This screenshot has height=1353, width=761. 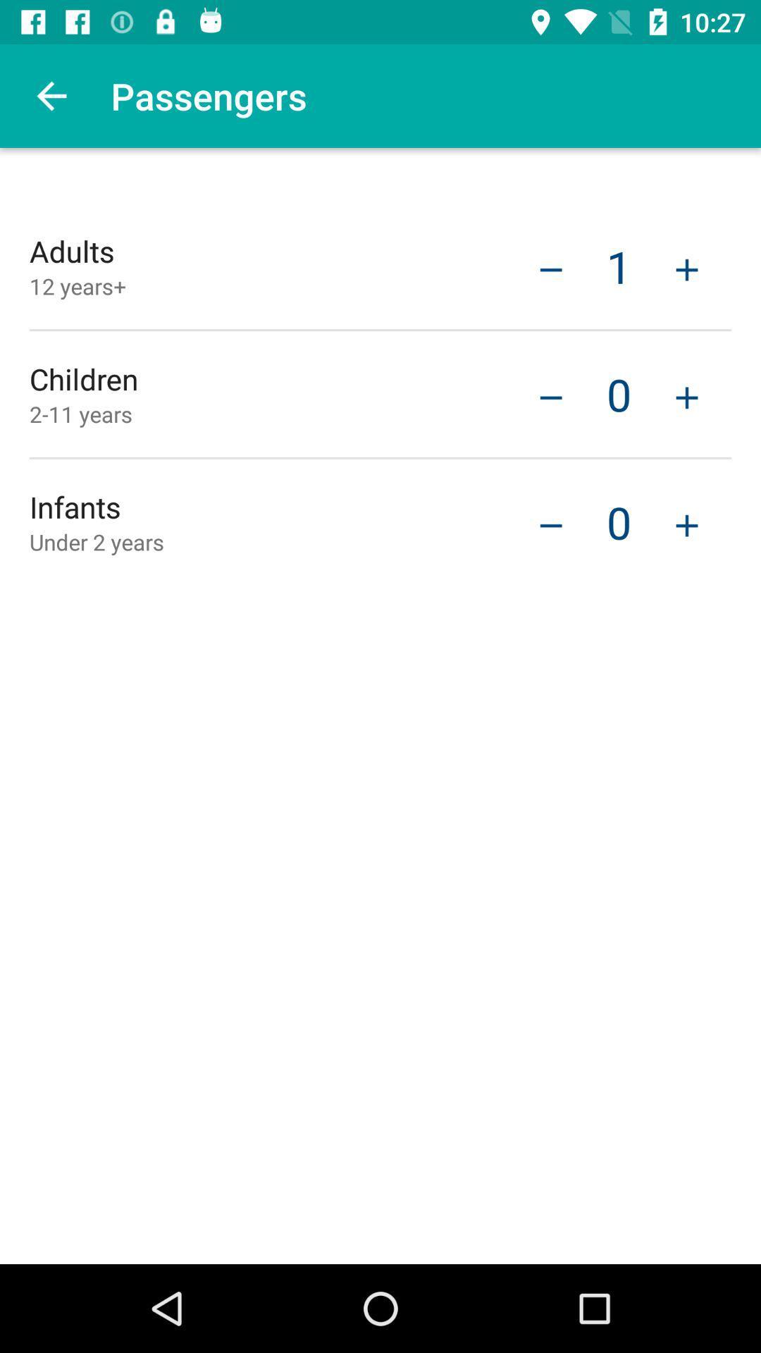 What do you see at coordinates (550, 395) in the screenshot?
I see `minus means less option` at bounding box center [550, 395].